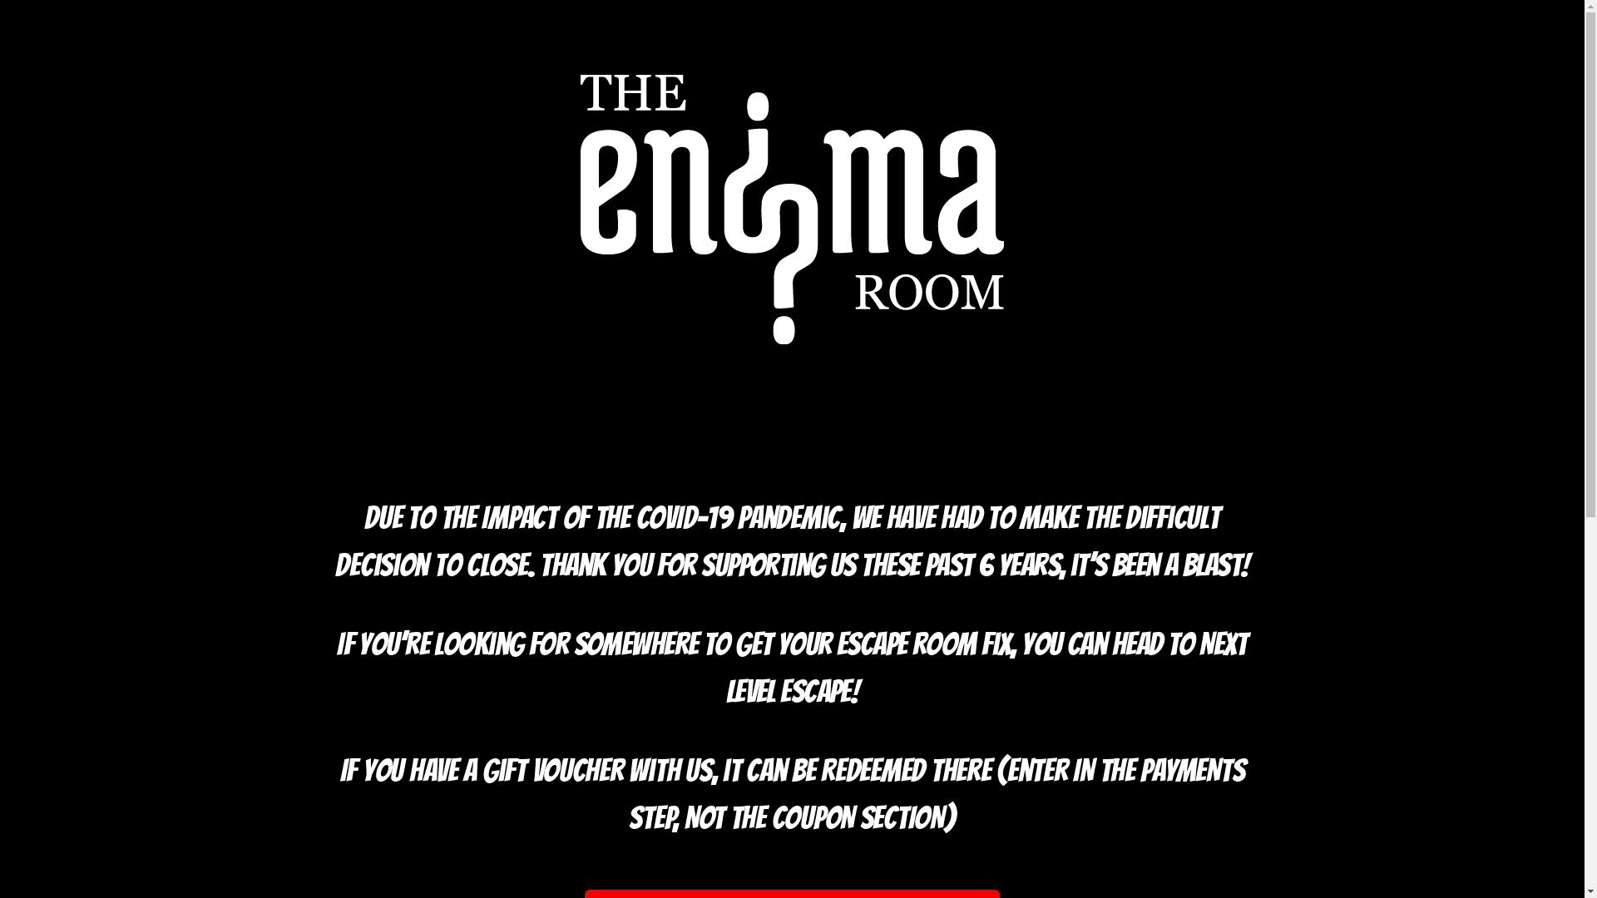  I want to click on 'Logo Type (White)', so click(791, 208).